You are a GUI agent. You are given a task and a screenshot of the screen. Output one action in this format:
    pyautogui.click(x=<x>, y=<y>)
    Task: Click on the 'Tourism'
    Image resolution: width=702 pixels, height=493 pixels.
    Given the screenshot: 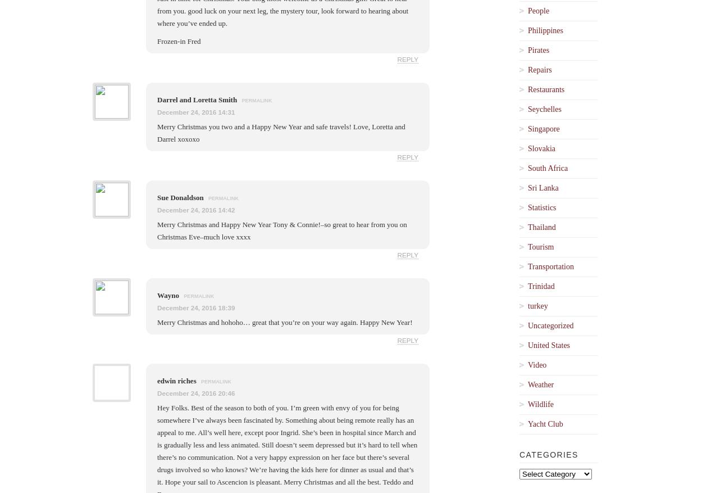 What is the action you would take?
    pyautogui.click(x=540, y=246)
    